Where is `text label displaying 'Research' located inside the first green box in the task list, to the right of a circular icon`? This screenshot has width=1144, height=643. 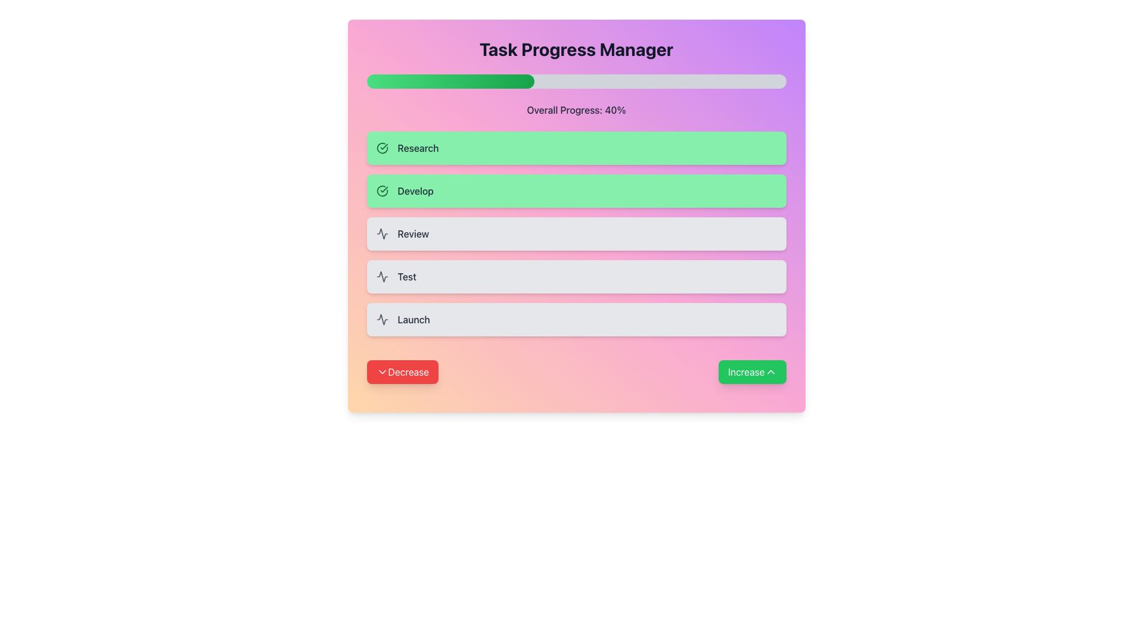 text label displaying 'Research' located inside the first green box in the task list, to the right of a circular icon is located at coordinates (418, 148).